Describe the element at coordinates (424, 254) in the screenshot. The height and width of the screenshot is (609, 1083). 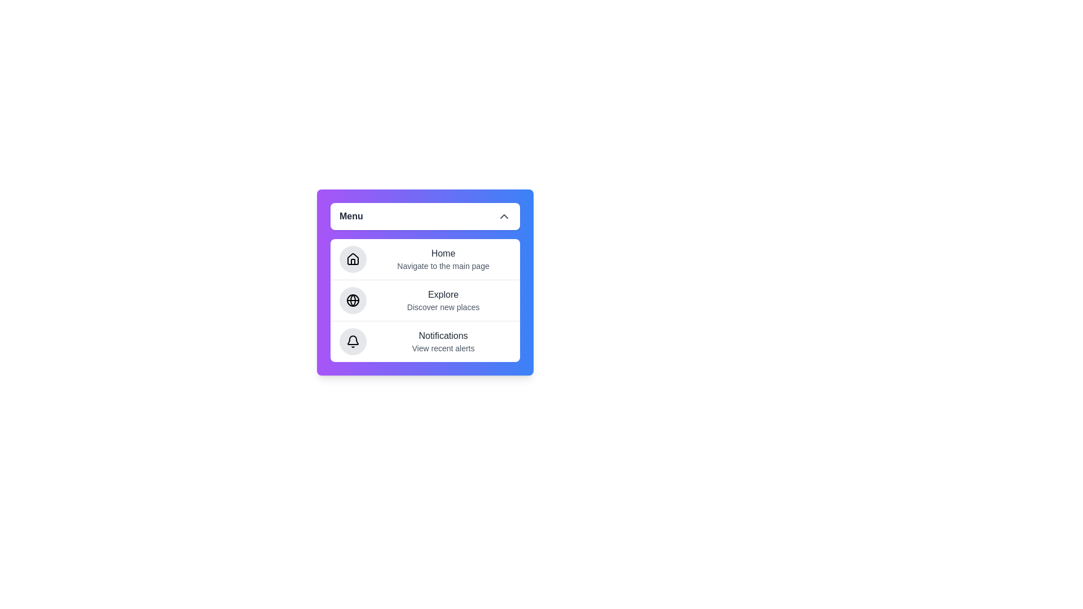
I see `the 'Home' option in the menu` at that location.